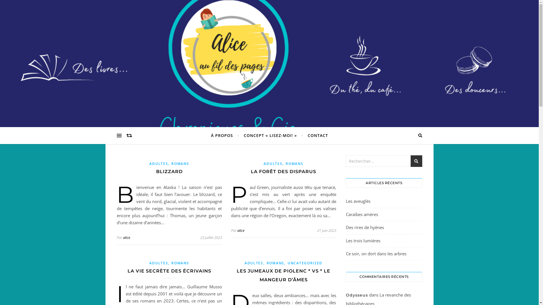  What do you see at coordinates (126, 237) in the screenshot?
I see `'alice'` at bounding box center [126, 237].